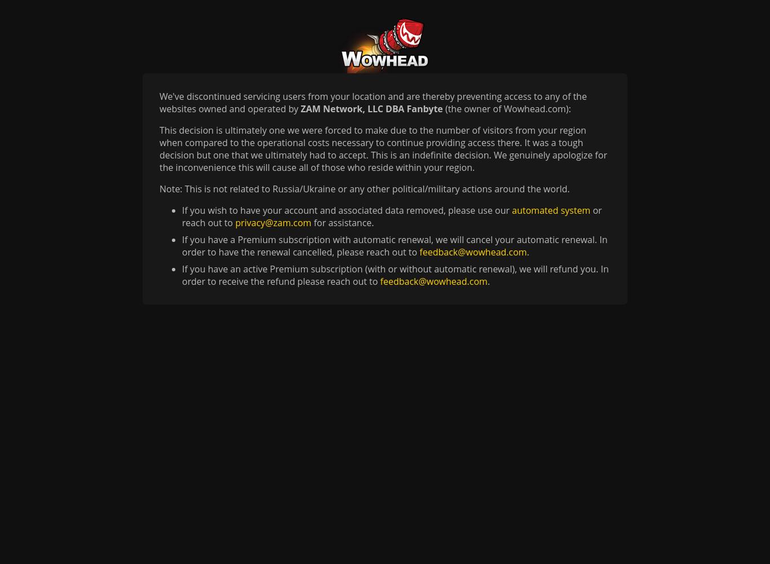  Describe the element at coordinates (442, 108) in the screenshot. I see `'(the owner of Wowhead.com):'` at that location.